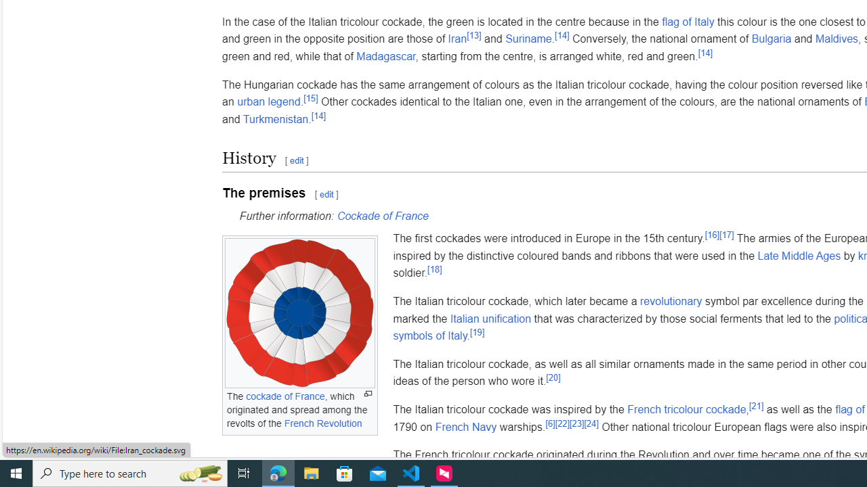  What do you see at coordinates (671, 300) in the screenshot?
I see `'revolutionary'` at bounding box center [671, 300].